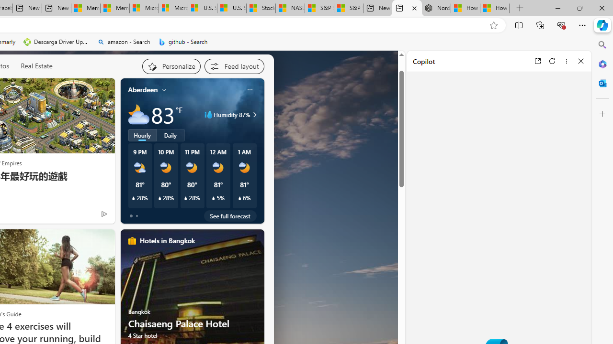  Describe the element at coordinates (348, 8) in the screenshot. I see `'S&P 500, Nasdaq end lower, weighed by Nvidia dip | Watch'` at that location.